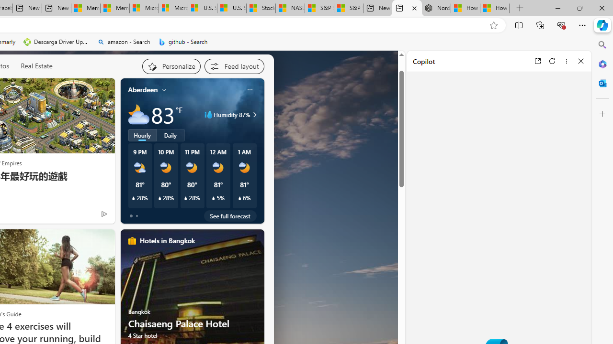  Describe the element at coordinates (348, 8) in the screenshot. I see `'S&P 500, Nasdaq end lower, weighed by Nvidia dip | Watch'` at that location.